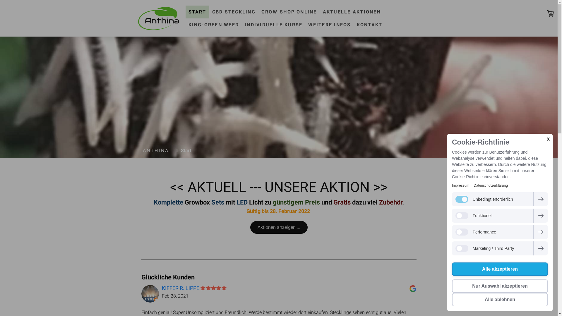 This screenshot has width=562, height=316. Describe the element at coordinates (351, 11) in the screenshot. I see `'AKTUELLE AKTIONEN'` at that location.